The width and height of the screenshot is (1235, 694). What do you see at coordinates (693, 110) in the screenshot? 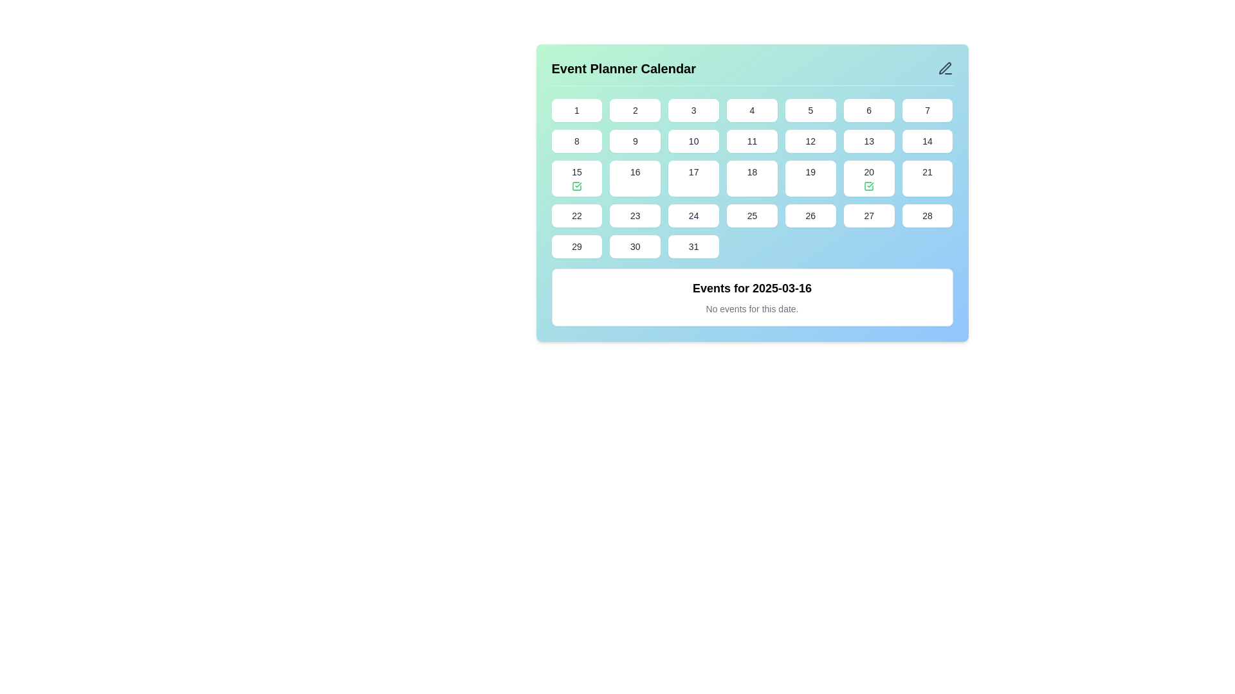
I see `the button corresponding to the 3rd day in the calendar view` at bounding box center [693, 110].